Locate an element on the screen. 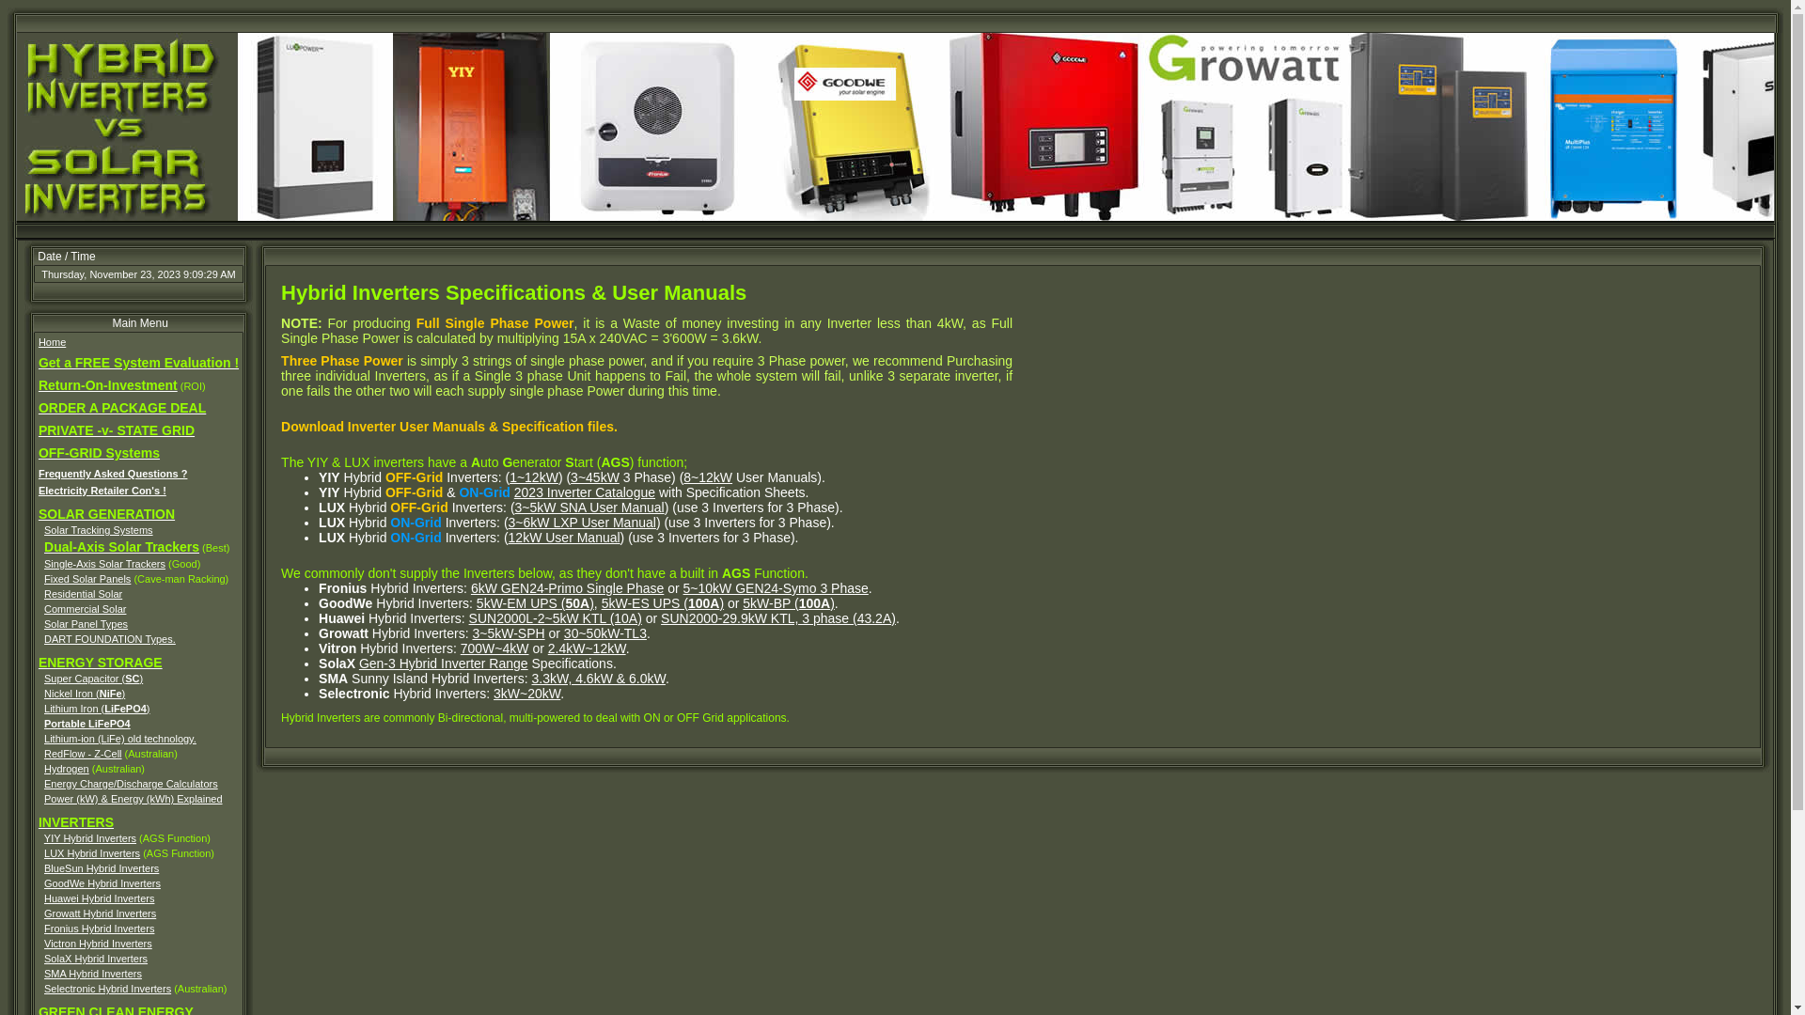  'OFF-GRID Systems' is located at coordinates (98, 453).